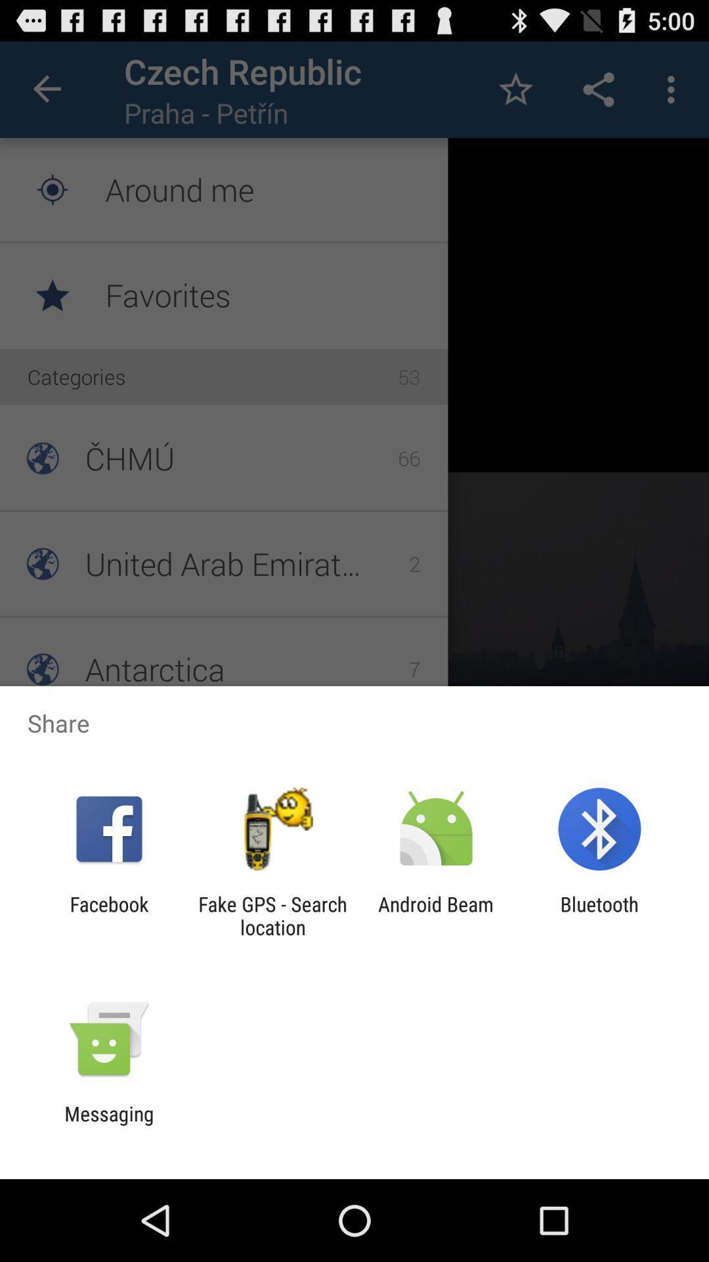 This screenshot has width=709, height=1262. I want to click on the fake gps search, so click(272, 915).